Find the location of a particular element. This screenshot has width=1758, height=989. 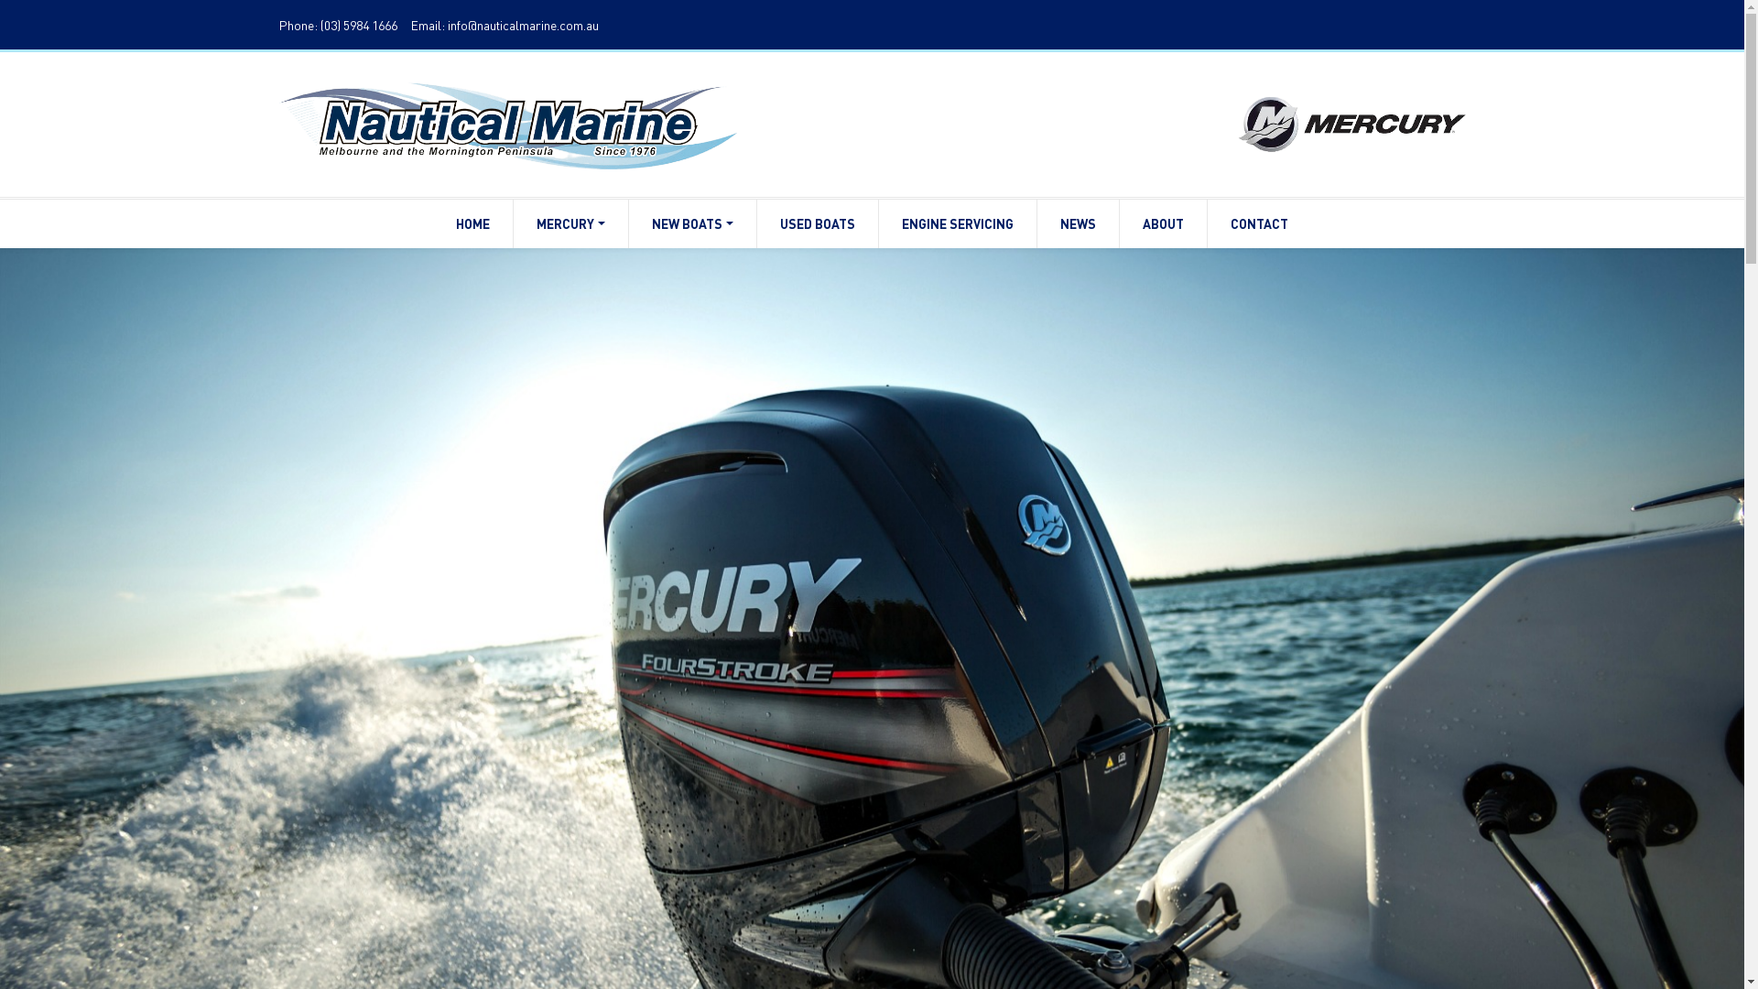

'Phone: (03) 5984 1666' is located at coordinates (337, 25).